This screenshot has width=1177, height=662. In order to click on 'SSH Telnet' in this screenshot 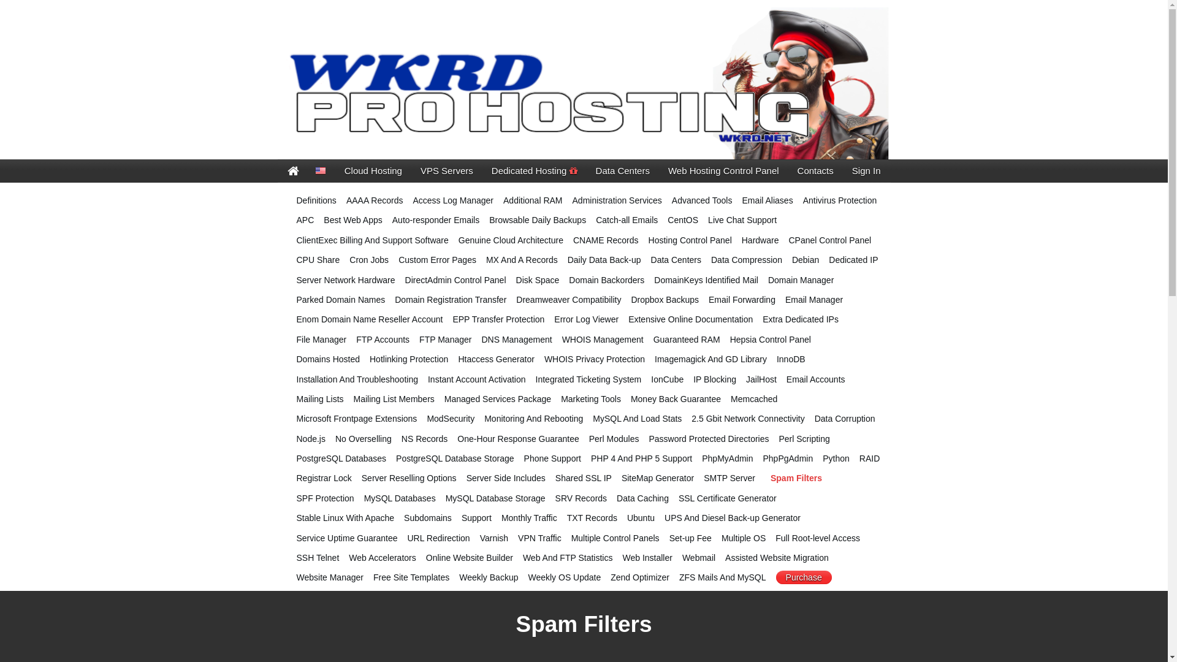, I will do `click(318, 558)`.